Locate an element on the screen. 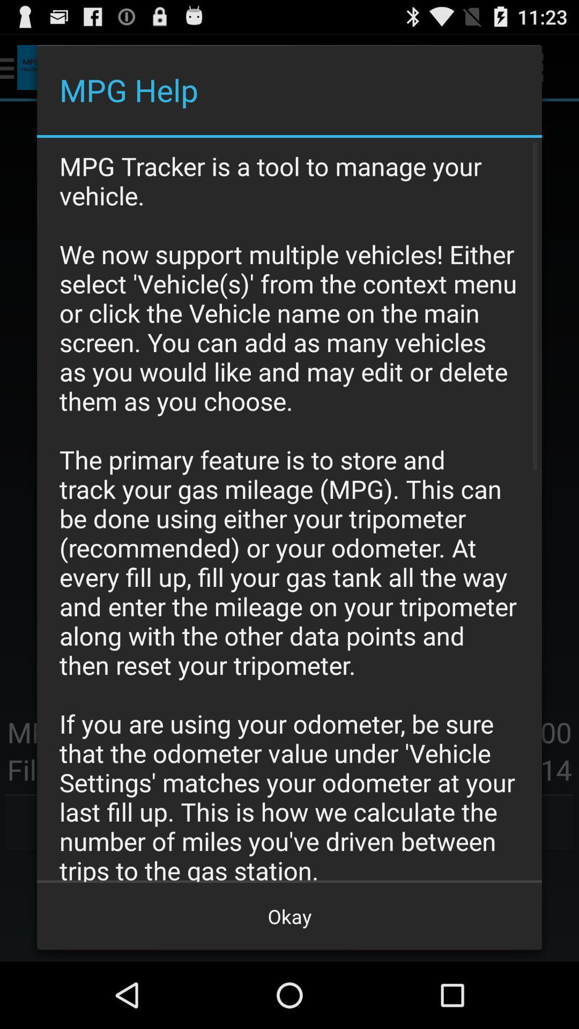  the okay icon is located at coordinates (289, 915).